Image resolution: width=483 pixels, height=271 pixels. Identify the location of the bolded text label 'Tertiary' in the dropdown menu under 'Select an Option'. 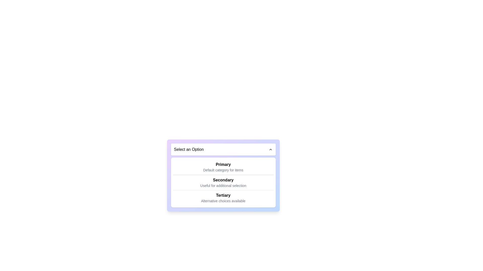
(223, 195).